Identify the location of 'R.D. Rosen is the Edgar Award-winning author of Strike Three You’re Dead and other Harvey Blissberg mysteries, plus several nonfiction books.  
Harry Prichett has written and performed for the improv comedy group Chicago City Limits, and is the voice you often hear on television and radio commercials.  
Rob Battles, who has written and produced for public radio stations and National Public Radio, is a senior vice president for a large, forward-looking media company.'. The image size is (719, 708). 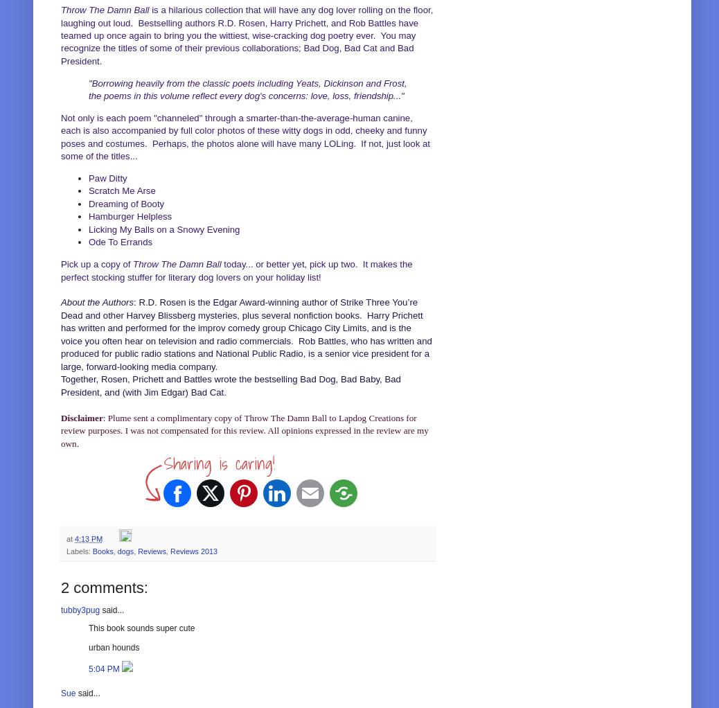
(246, 334).